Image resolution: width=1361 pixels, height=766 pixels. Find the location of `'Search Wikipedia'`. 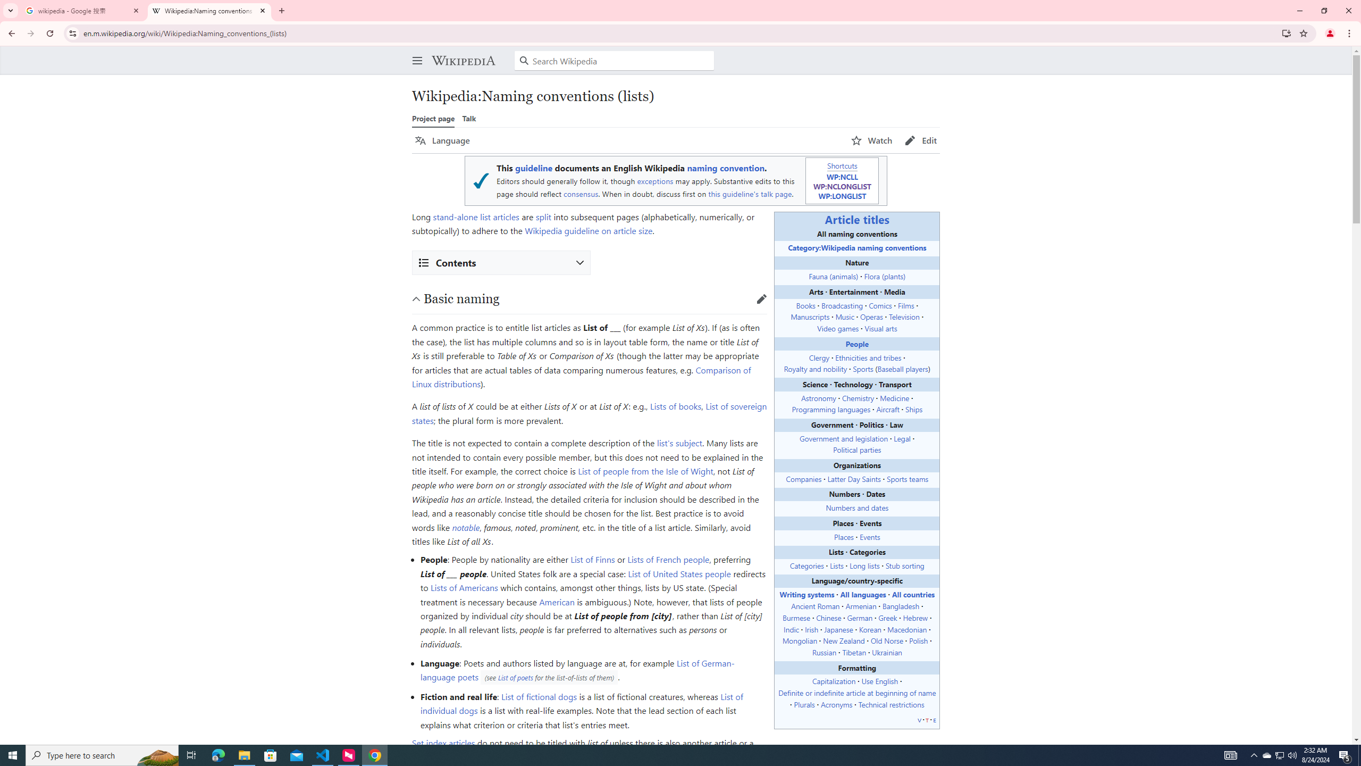

'Search Wikipedia' is located at coordinates (614, 61).